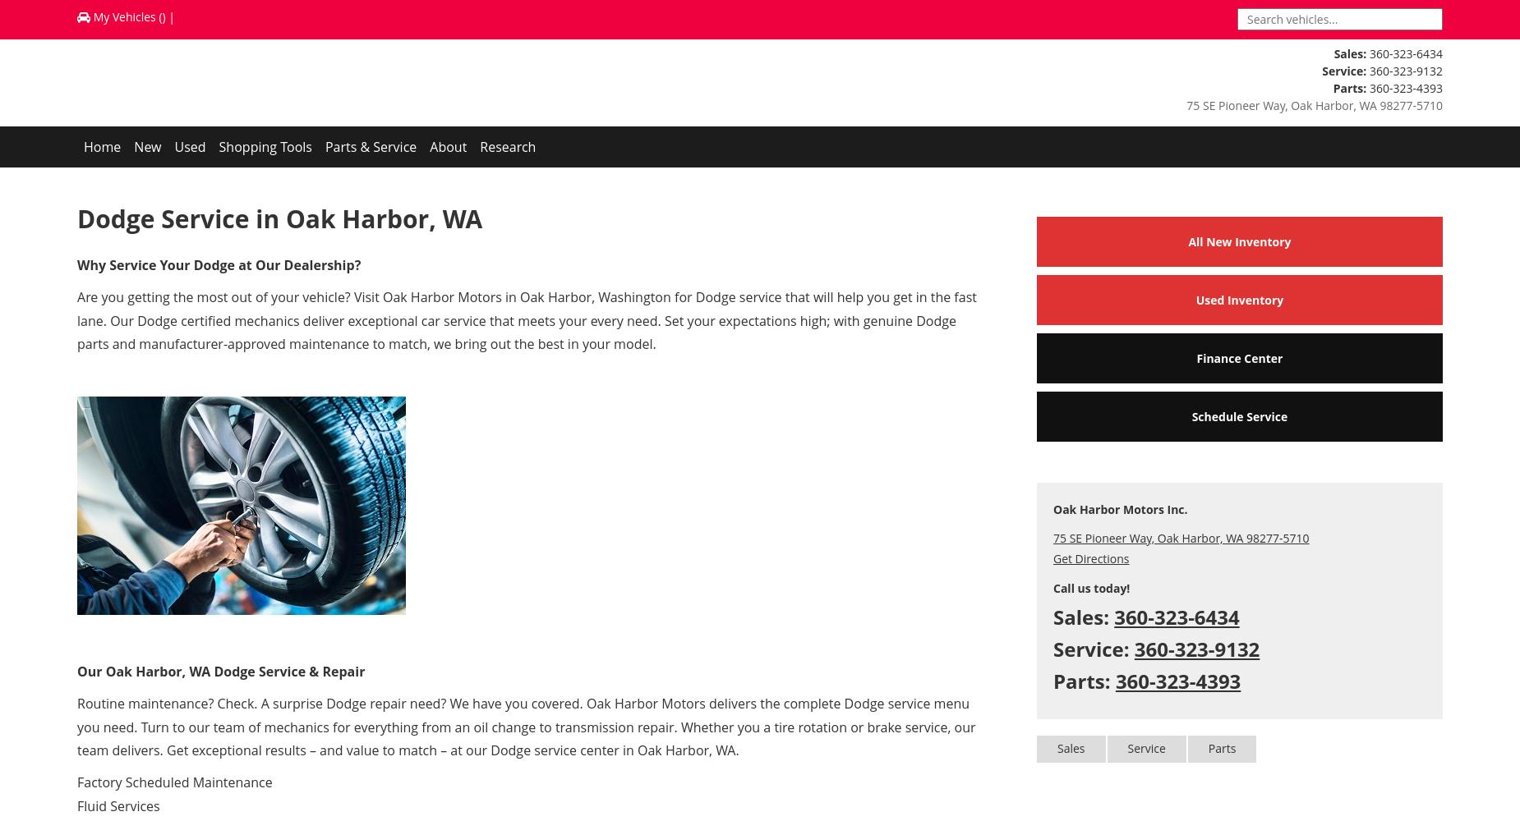  I want to click on 'Parts & Service', so click(370, 147).